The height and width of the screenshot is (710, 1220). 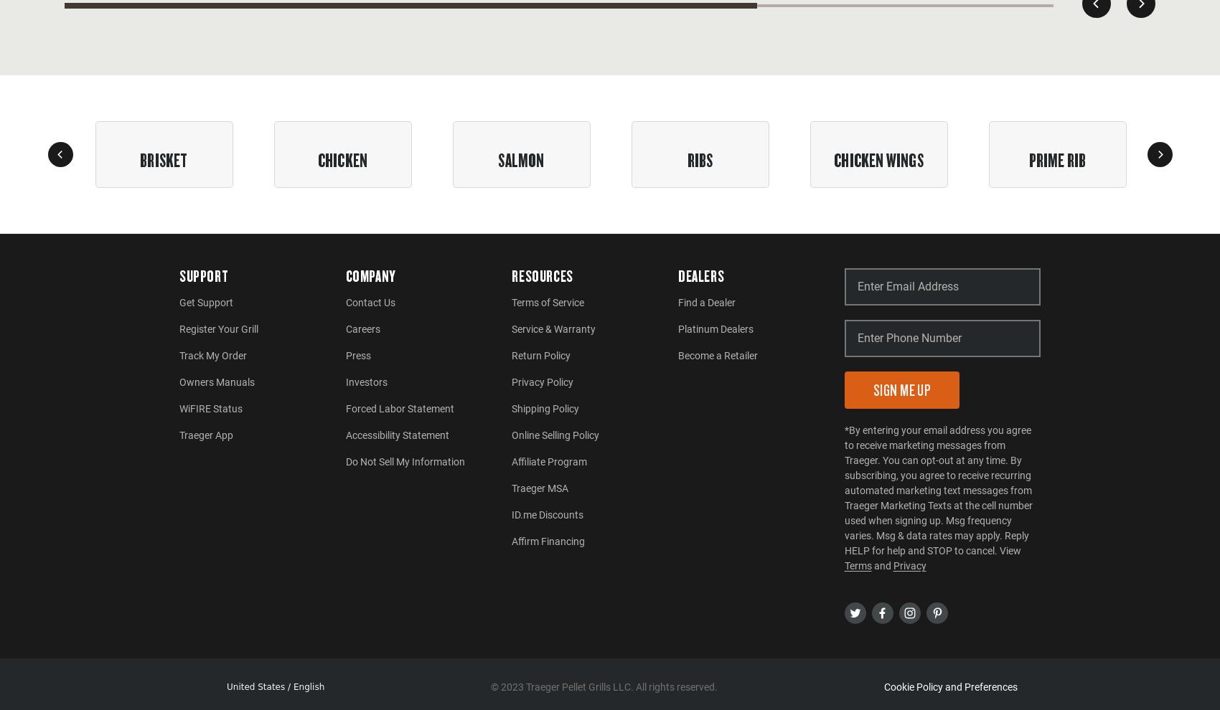 What do you see at coordinates (677, 275) in the screenshot?
I see `'Dealers'` at bounding box center [677, 275].